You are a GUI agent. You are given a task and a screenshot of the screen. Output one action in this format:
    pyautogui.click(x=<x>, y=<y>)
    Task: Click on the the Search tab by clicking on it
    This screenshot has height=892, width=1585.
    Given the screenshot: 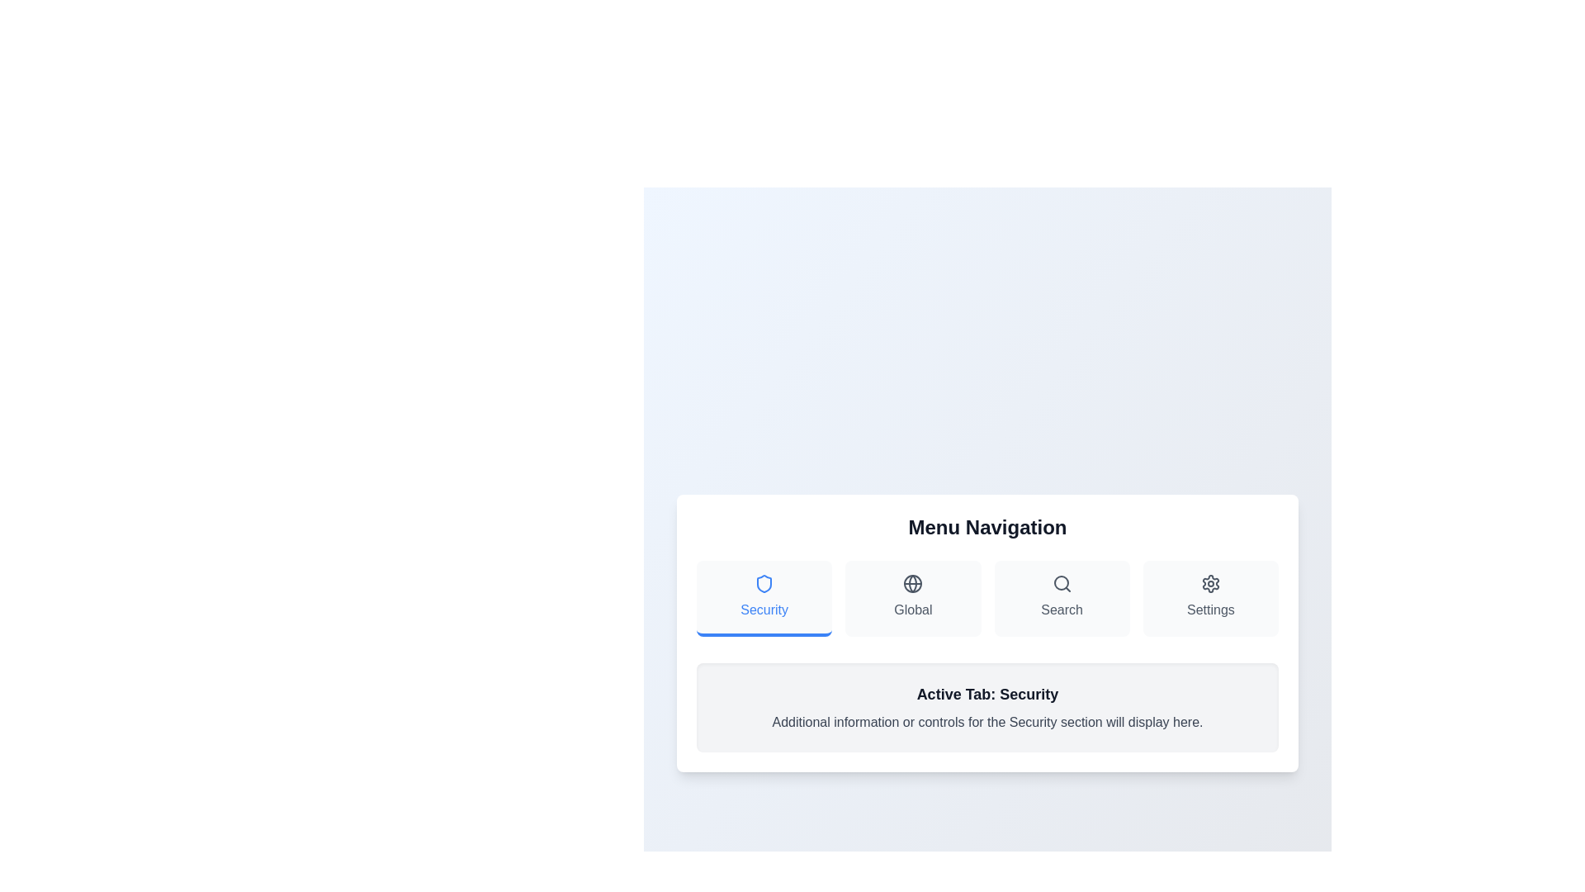 What is the action you would take?
    pyautogui.click(x=1062, y=599)
    